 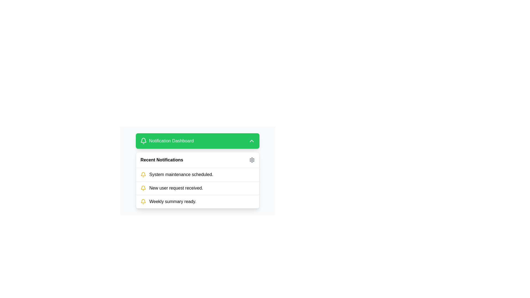 What do you see at coordinates (197, 174) in the screenshot?
I see `information displayed in the first notification item about 'System maintenance scheduled' located under the 'Recent Notifications' section` at bounding box center [197, 174].